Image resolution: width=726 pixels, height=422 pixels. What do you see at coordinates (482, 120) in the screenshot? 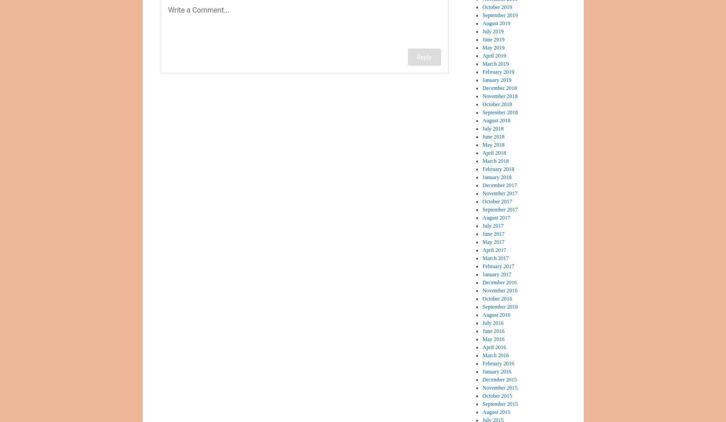
I see `'August 2018'` at bounding box center [482, 120].